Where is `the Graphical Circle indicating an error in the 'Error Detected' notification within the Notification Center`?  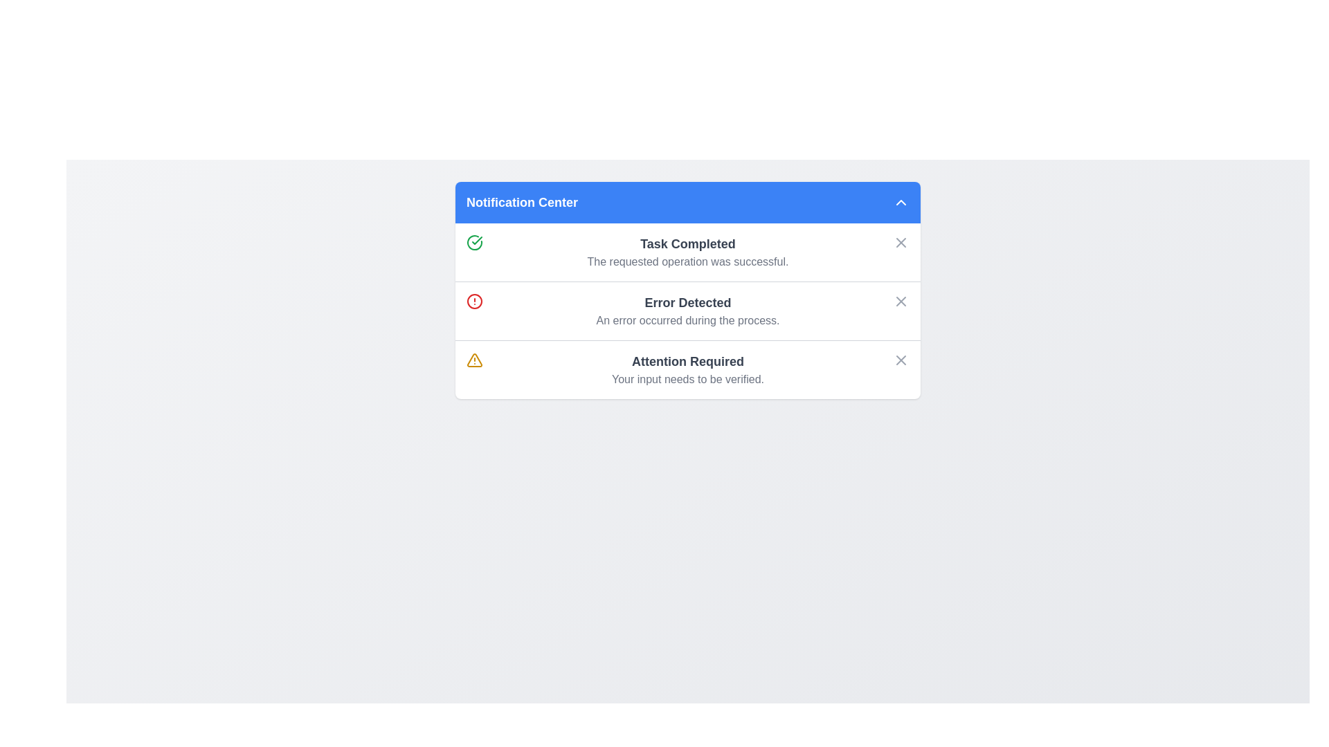 the Graphical Circle indicating an error in the 'Error Detected' notification within the Notification Center is located at coordinates (475, 300).